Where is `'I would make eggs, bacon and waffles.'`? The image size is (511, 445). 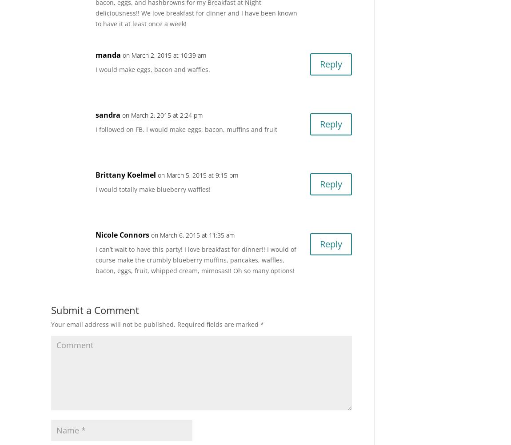
'I would make eggs, bacon and waffles.' is located at coordinates (152, 69).